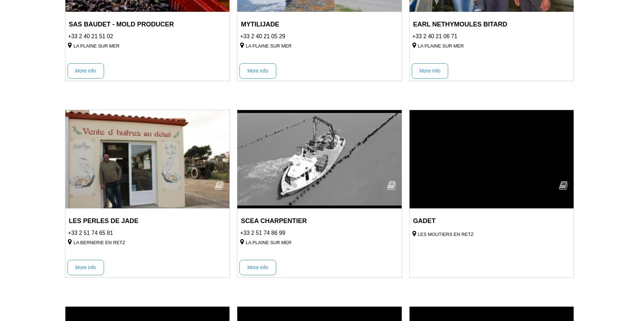 The width and height of the screenshot is (639, 321). I want to click on 'EARL NETHYMOULES BITARD', so click(460, 24).